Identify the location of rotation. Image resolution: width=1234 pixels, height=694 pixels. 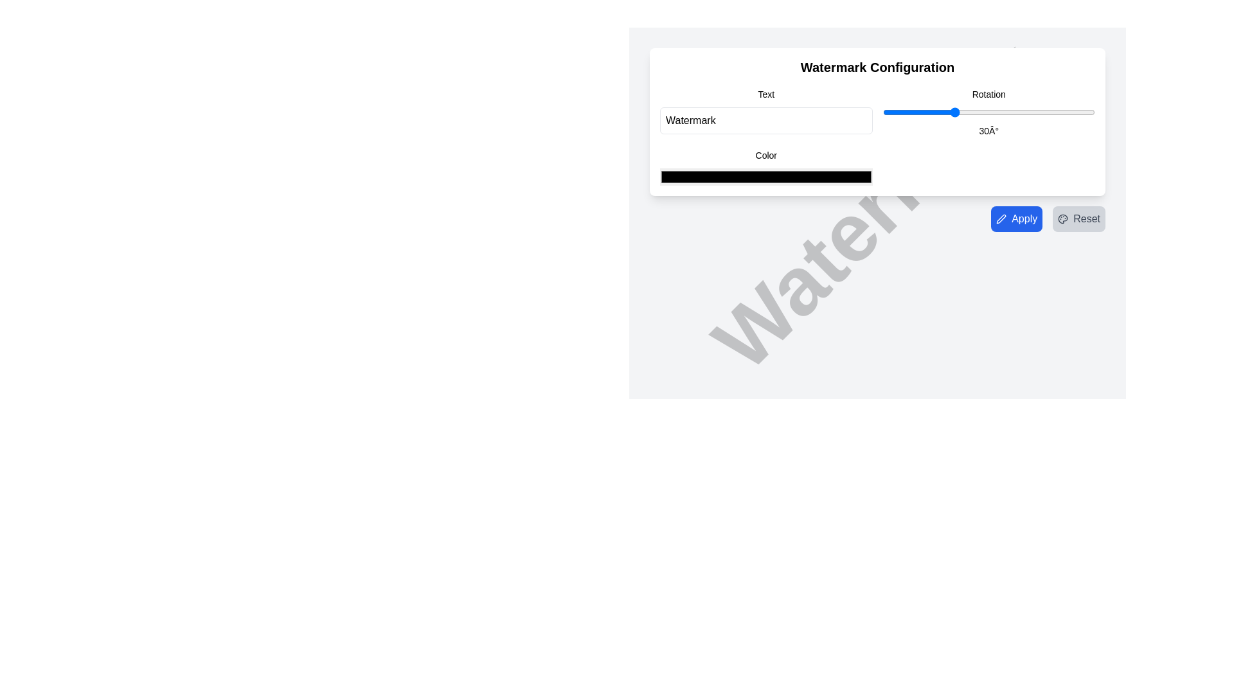
(1033, 111).